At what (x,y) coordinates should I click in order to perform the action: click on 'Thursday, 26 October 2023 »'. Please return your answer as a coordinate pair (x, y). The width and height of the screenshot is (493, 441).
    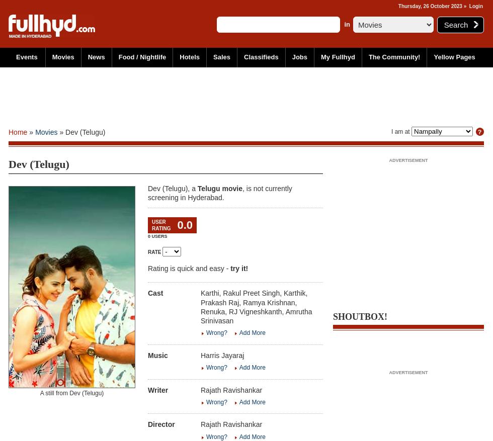
    Looking at the image, I should click on (433, 6).